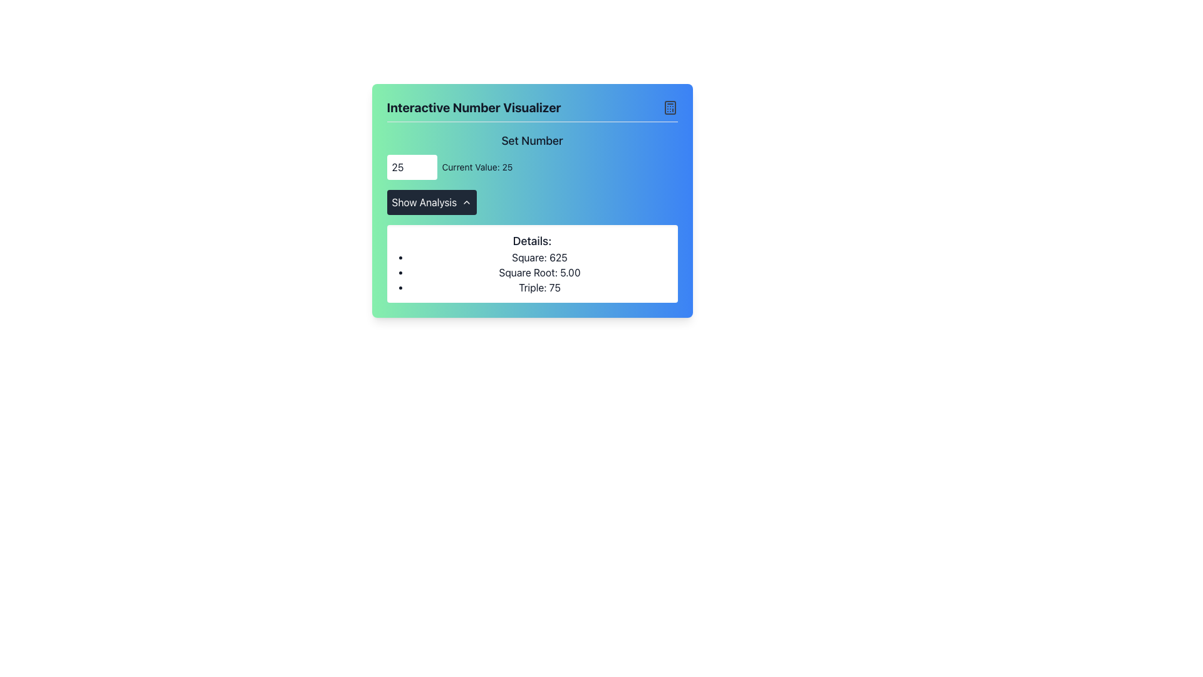  I want to click on the 'Show Analysis' button, which is a rectangular button with white text on a dark gray background and an upward-pointing arrow icon, so click(432, 202).